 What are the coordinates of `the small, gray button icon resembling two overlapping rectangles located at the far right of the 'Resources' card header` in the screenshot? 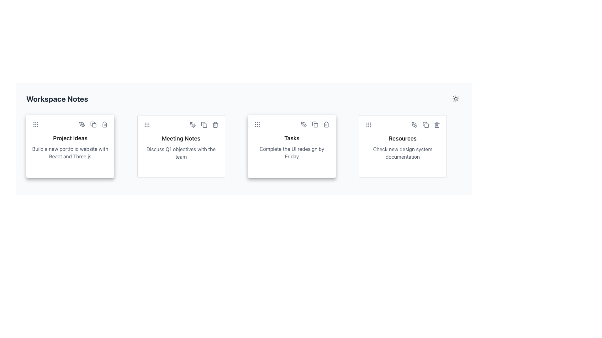 It's located at (425, 125).